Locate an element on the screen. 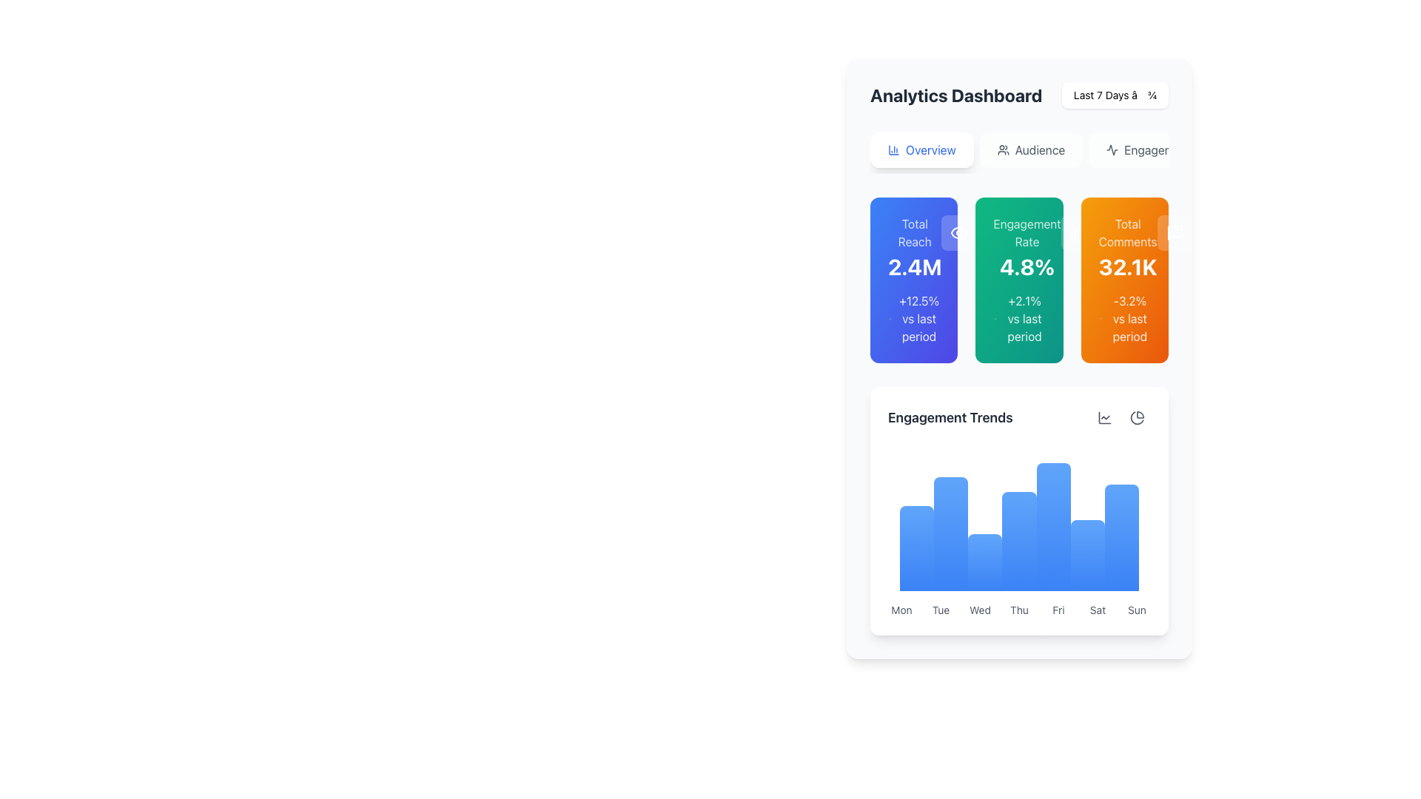  the positive feedback icon that signifies a 'like' or approval action, located to the right of the 'Engagement Rate 4.8%' green block in the dashboard layout is located at coordinates (1078, 233).